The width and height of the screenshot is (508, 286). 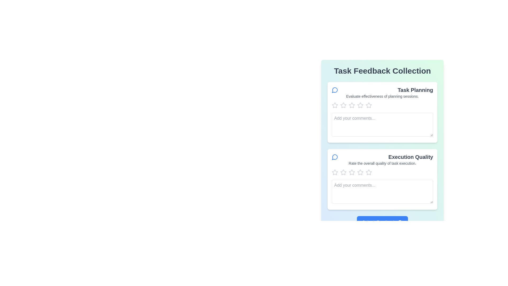 I want to click on the second rating star in the 'Execution Quality' feedback section to select a rating, so click(x=352, y=172).